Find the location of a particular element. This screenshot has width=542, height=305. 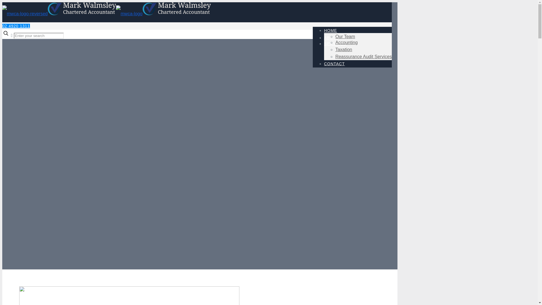

'02 4920 1311' is located at coordinates (2, 26).